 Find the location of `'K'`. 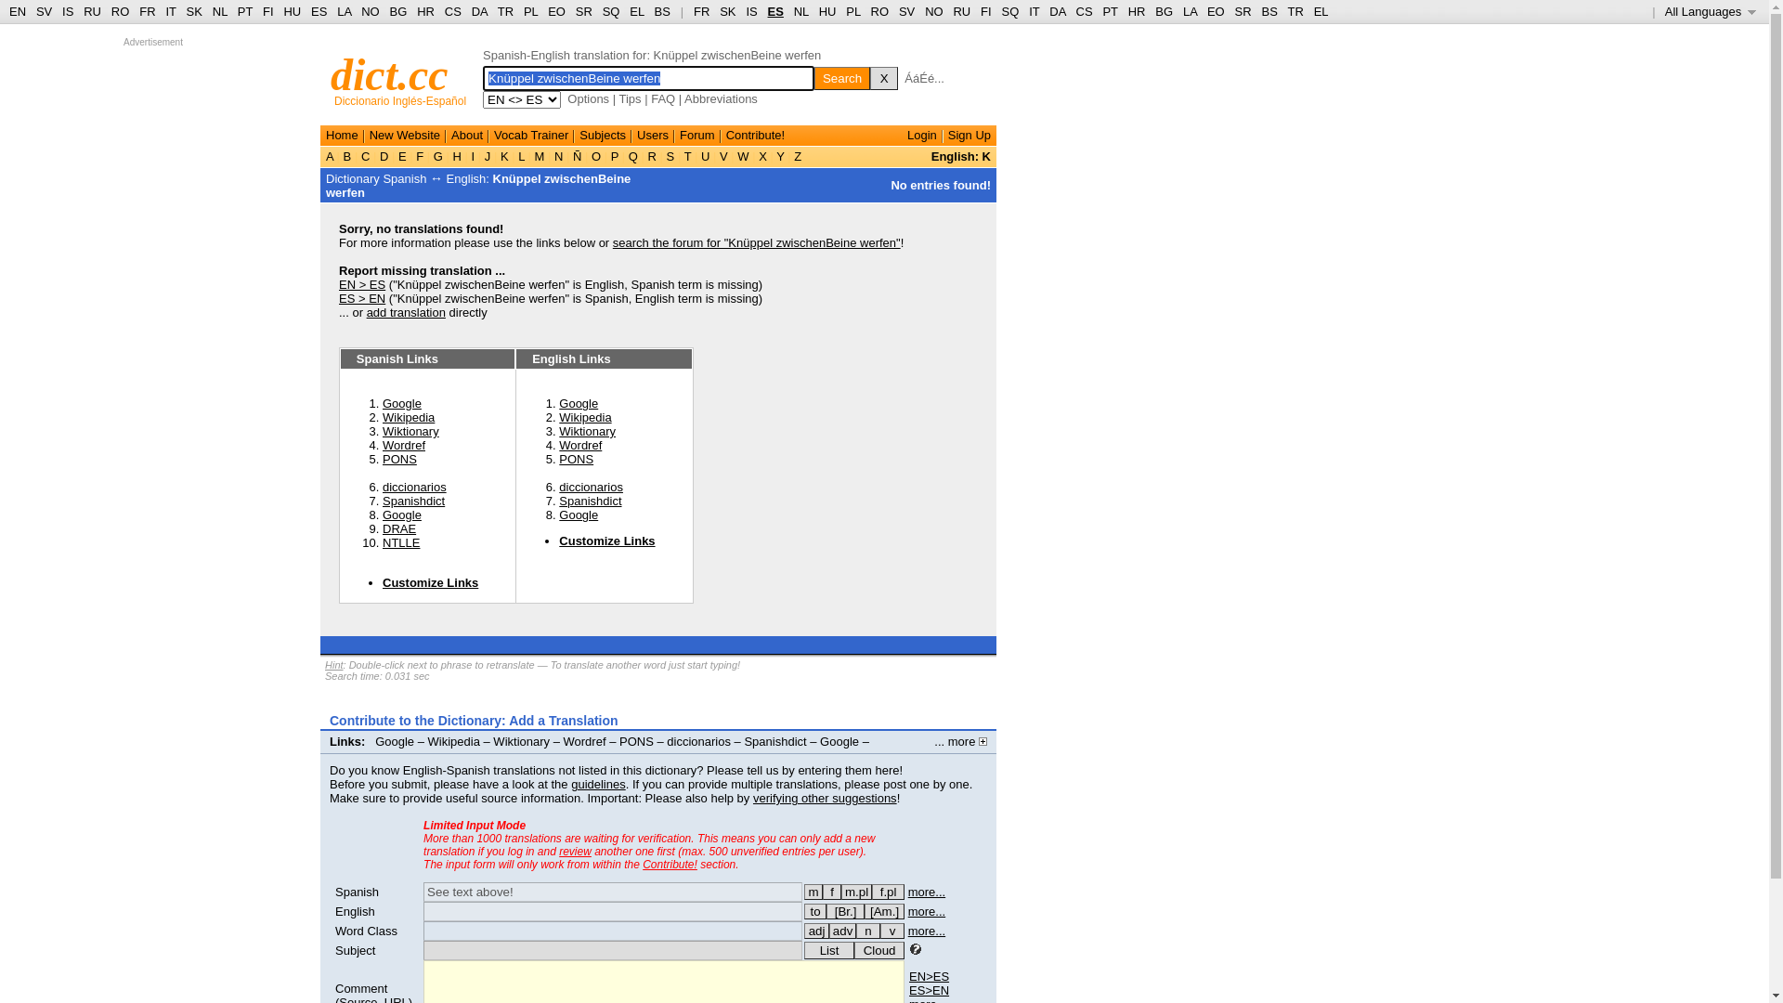

'K' is located at coordinates (503, 155).